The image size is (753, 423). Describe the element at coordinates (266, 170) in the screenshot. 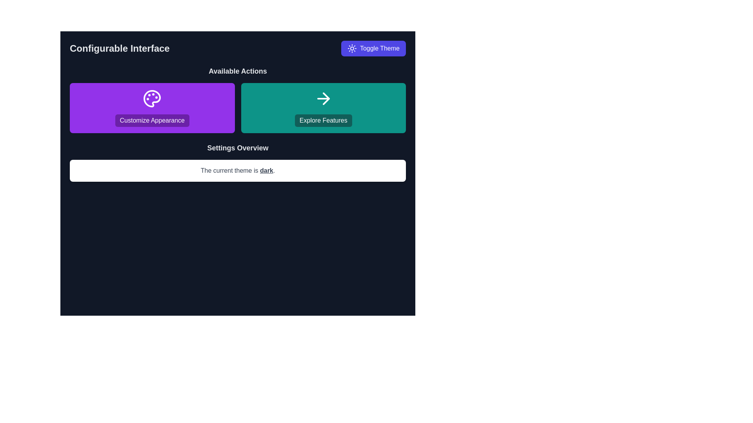

I see `the text label indicating the currently active theme, which is 'dark', located in a central white text box on a dark background` at that location.